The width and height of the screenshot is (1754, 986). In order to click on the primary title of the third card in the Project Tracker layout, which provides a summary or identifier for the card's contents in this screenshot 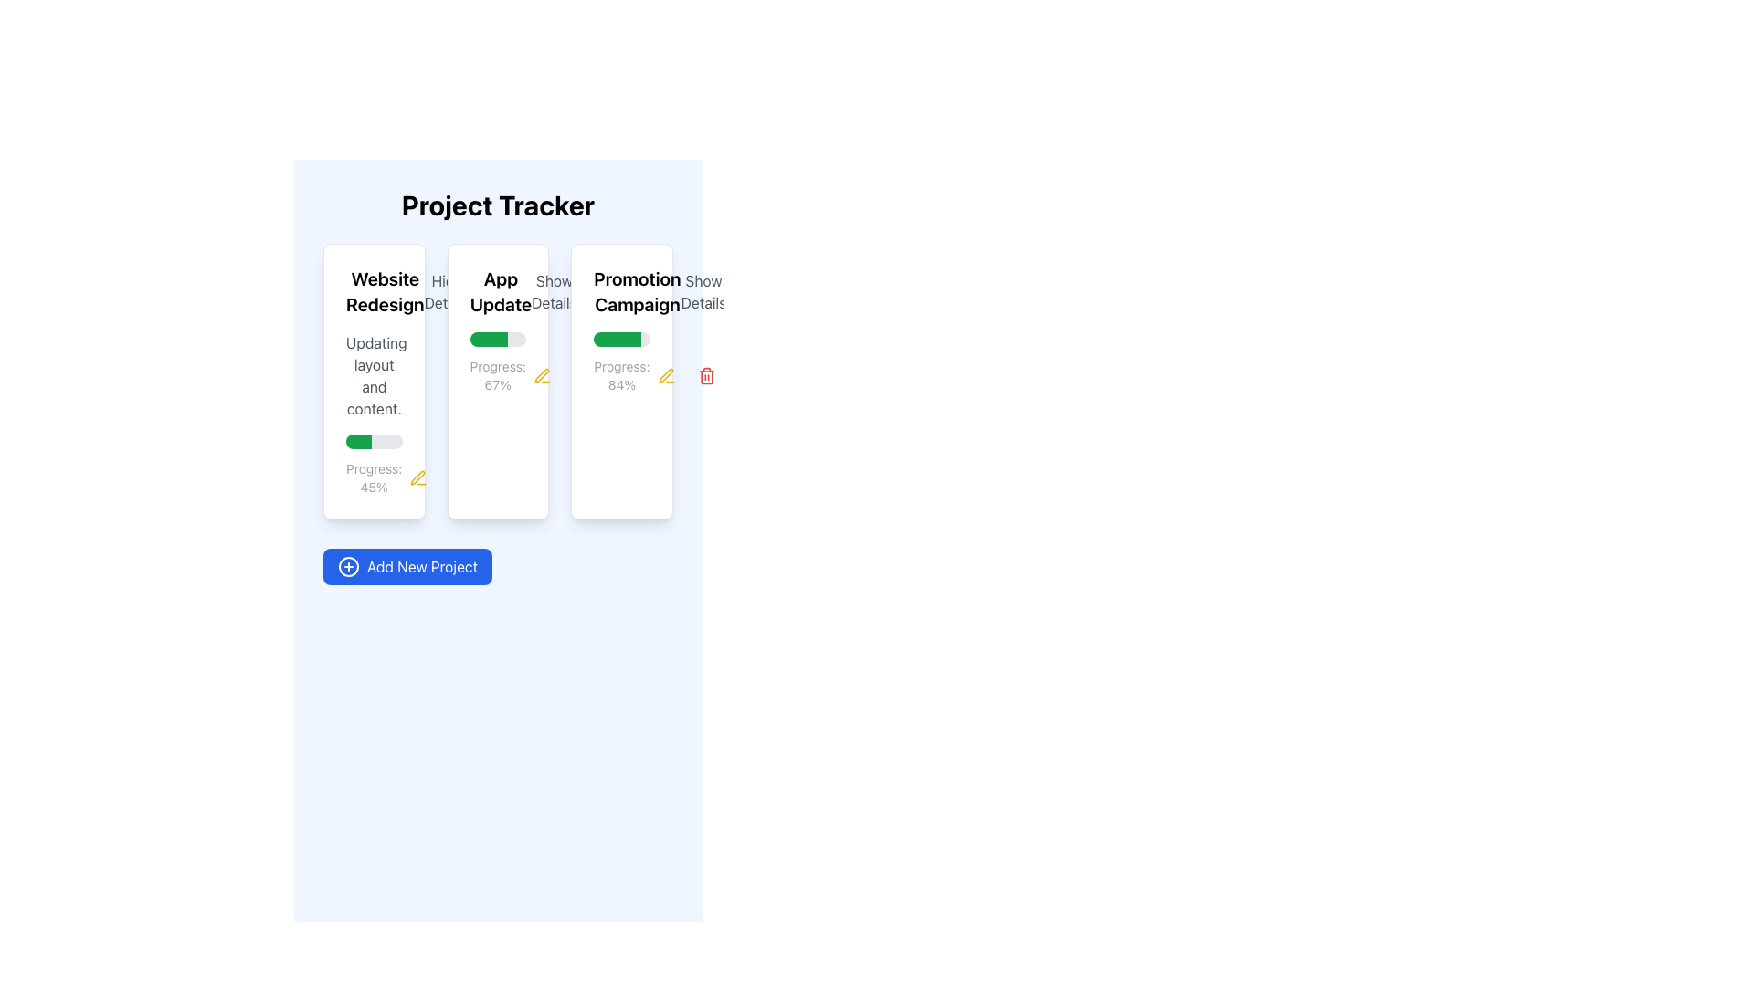, I will do `click(637, 291)`.